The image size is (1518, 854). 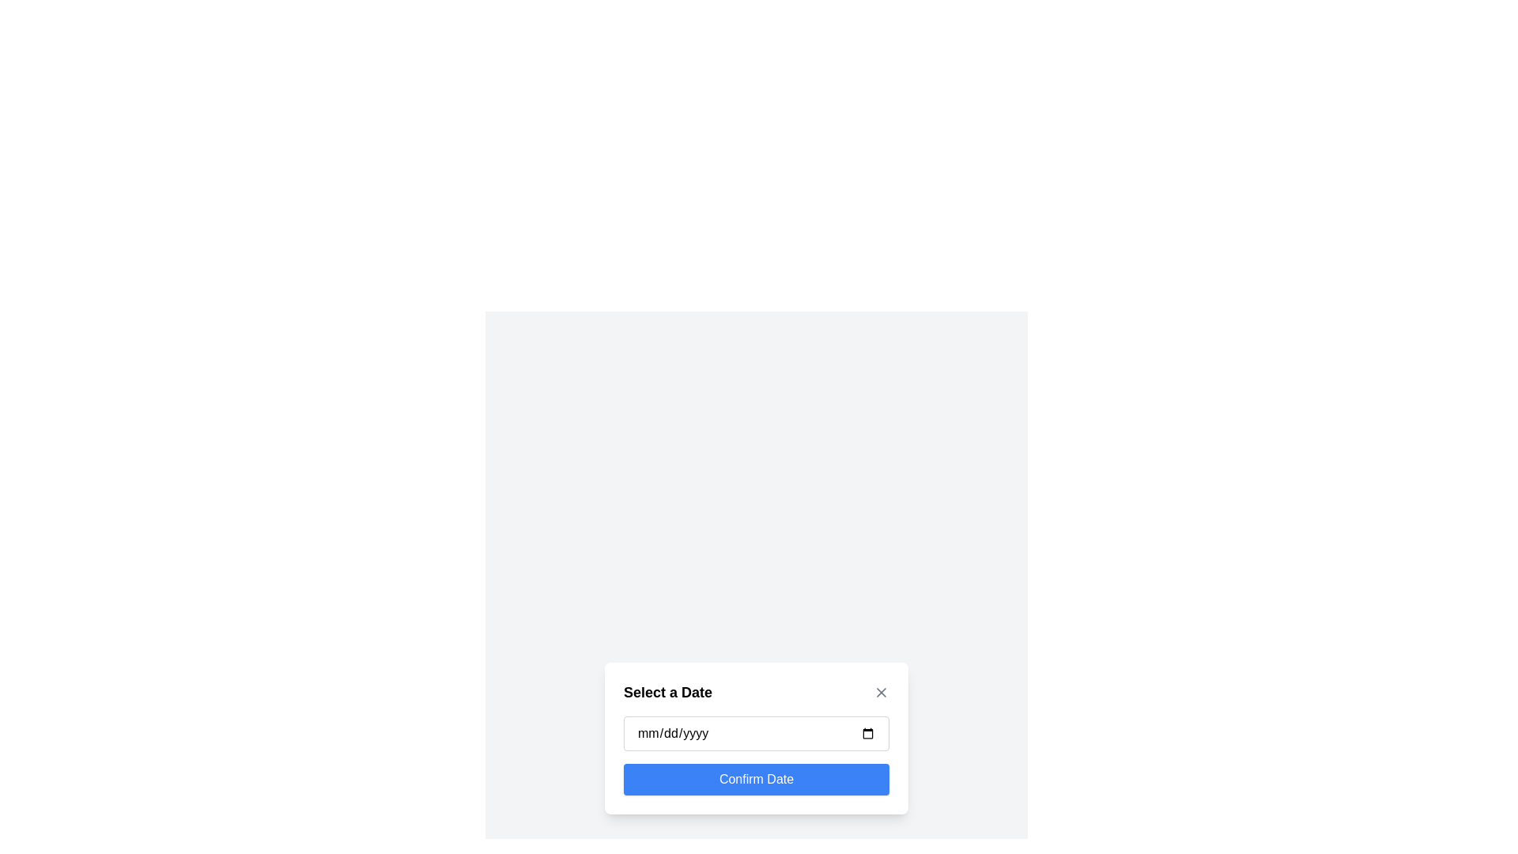 I want to click on the 'Confirm Date' button, which is a rectangular button with a blue background and white text, located at the bottom of the 'Select a Date' dialog box, so click(x=755, y=779).